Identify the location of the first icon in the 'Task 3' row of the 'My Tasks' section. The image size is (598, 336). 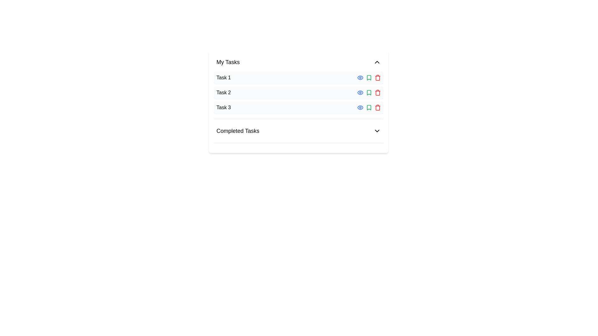
(360, 107).